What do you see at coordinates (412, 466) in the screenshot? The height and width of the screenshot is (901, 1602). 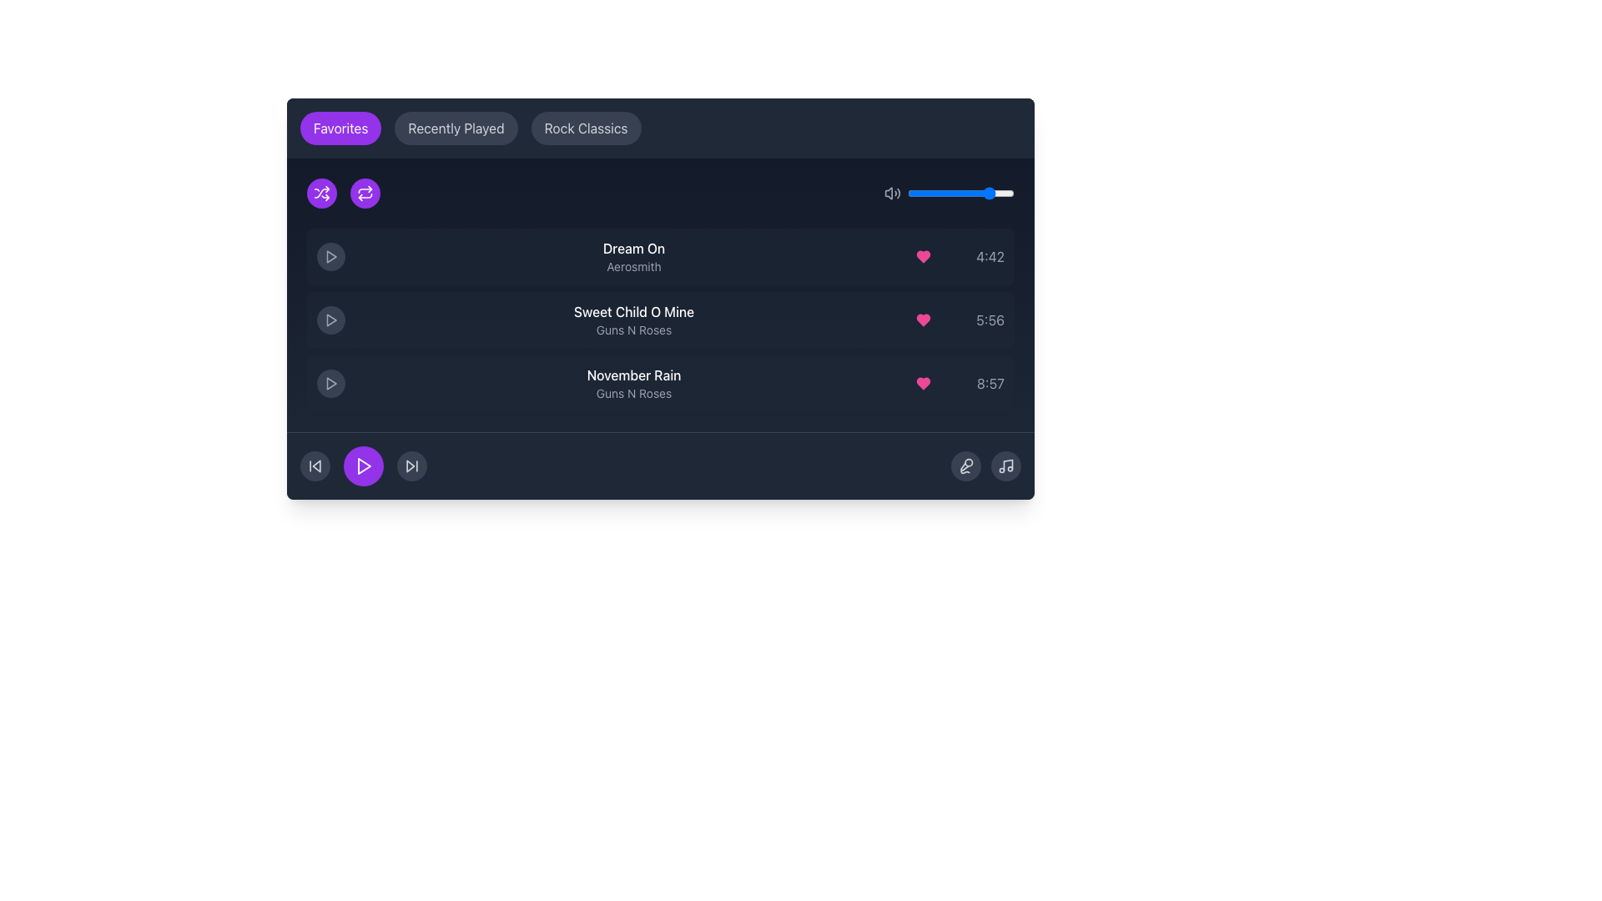 I see `the button that skips to the next track in the bottom control panel of the player interface, located to the right of the 'Play' icon` at bounding box center [412, 466].